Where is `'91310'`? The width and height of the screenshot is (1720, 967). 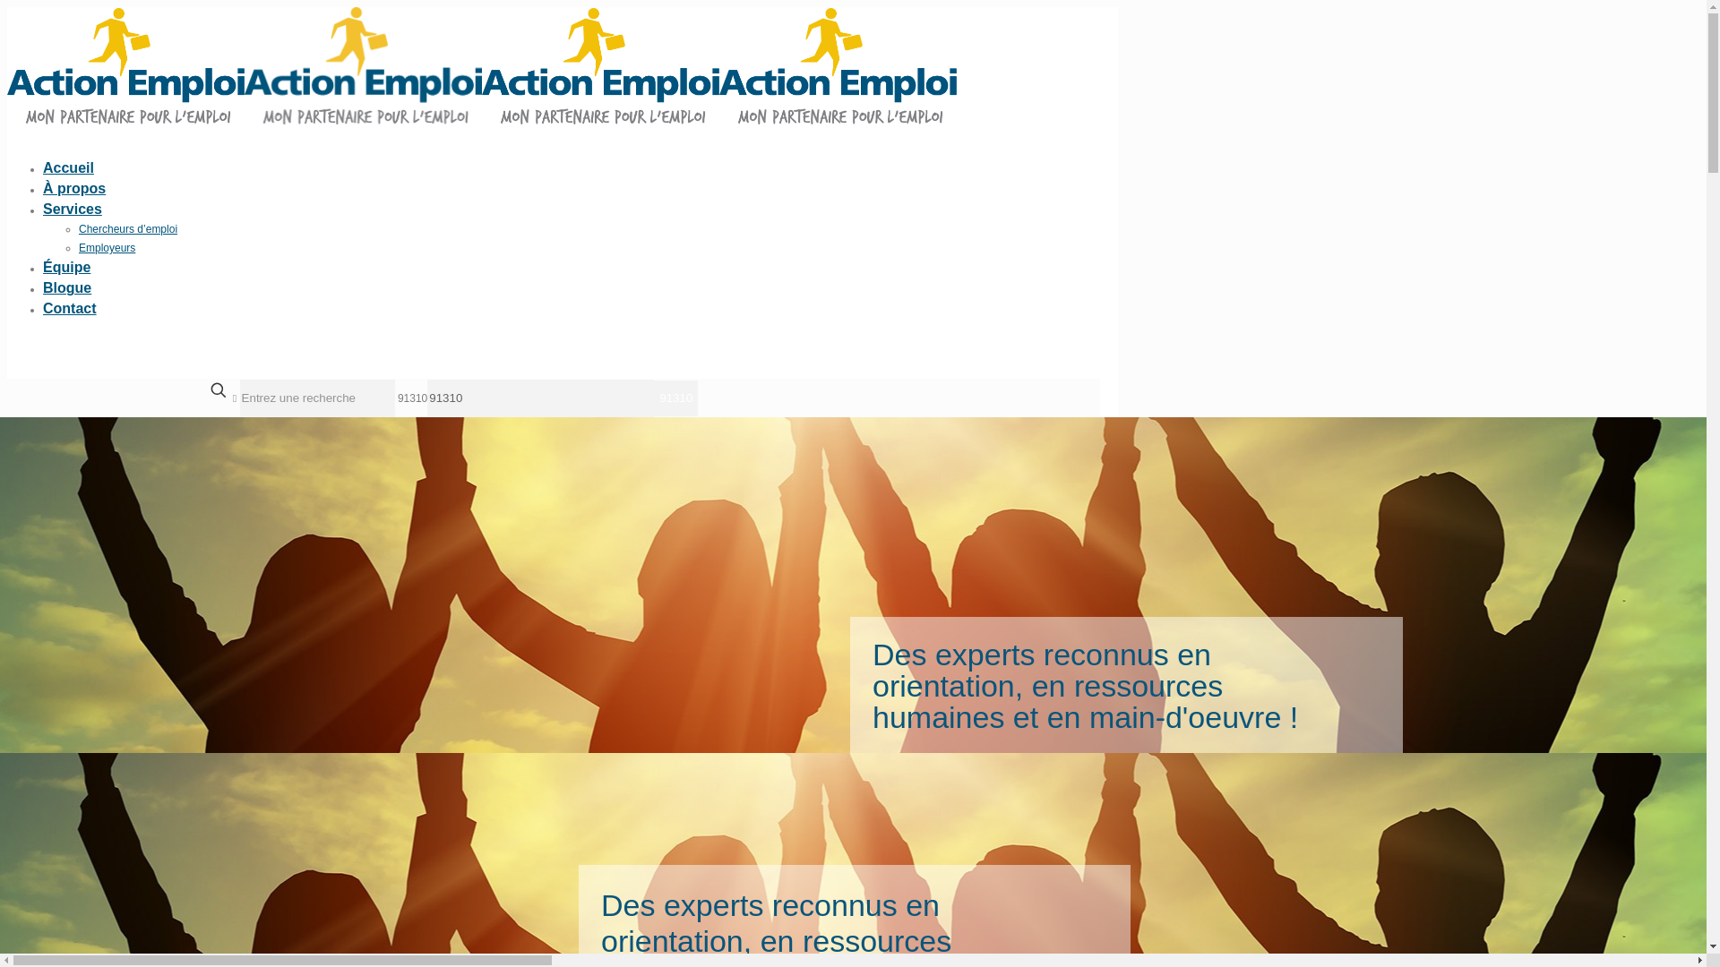 '91310' is located at coordinates (675, 397).